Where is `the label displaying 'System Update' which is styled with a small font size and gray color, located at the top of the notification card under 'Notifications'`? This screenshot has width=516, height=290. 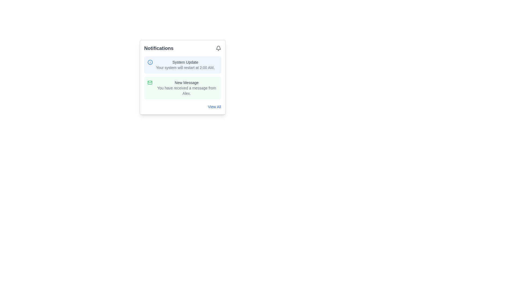 the label displaying 'System Update' which is styled with a small font size and gray color, located at the top of the notification card under 'Notifications' is located at coordinates (185, 62).